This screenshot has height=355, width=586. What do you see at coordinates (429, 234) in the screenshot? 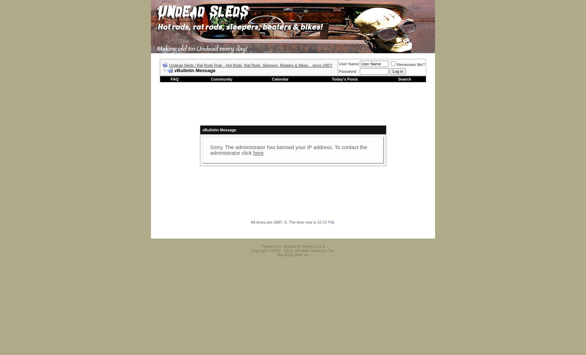
I see `'Top'` at bounding box center [429, 234].